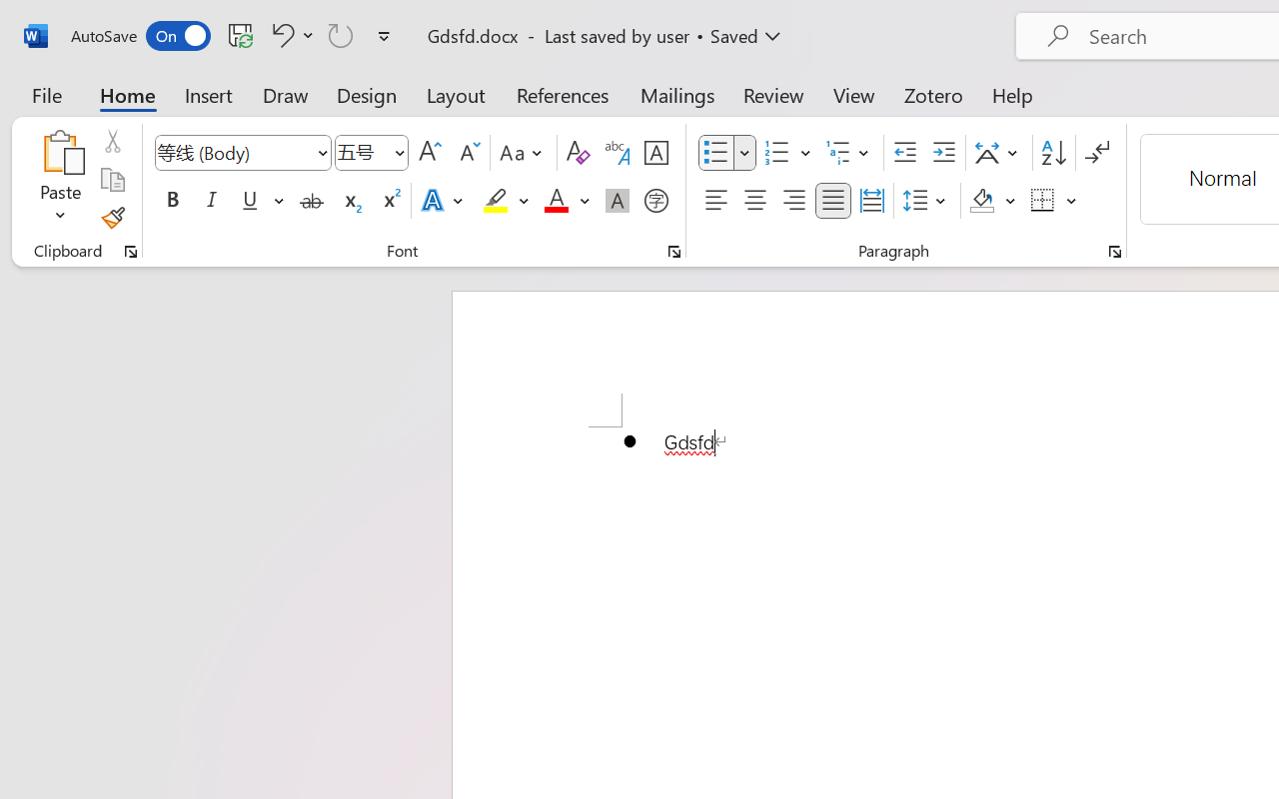  I want to click on 'Font Color Red', so click(556, 201).